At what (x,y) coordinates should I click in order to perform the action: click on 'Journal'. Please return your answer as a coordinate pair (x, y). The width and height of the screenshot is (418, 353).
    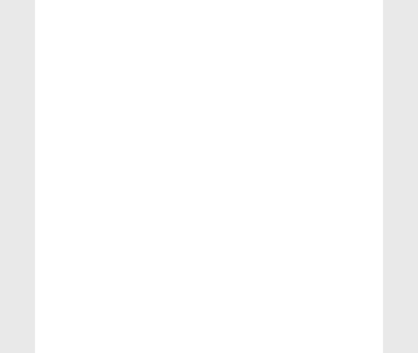
    Looking at the image, I should click on (62, 140).